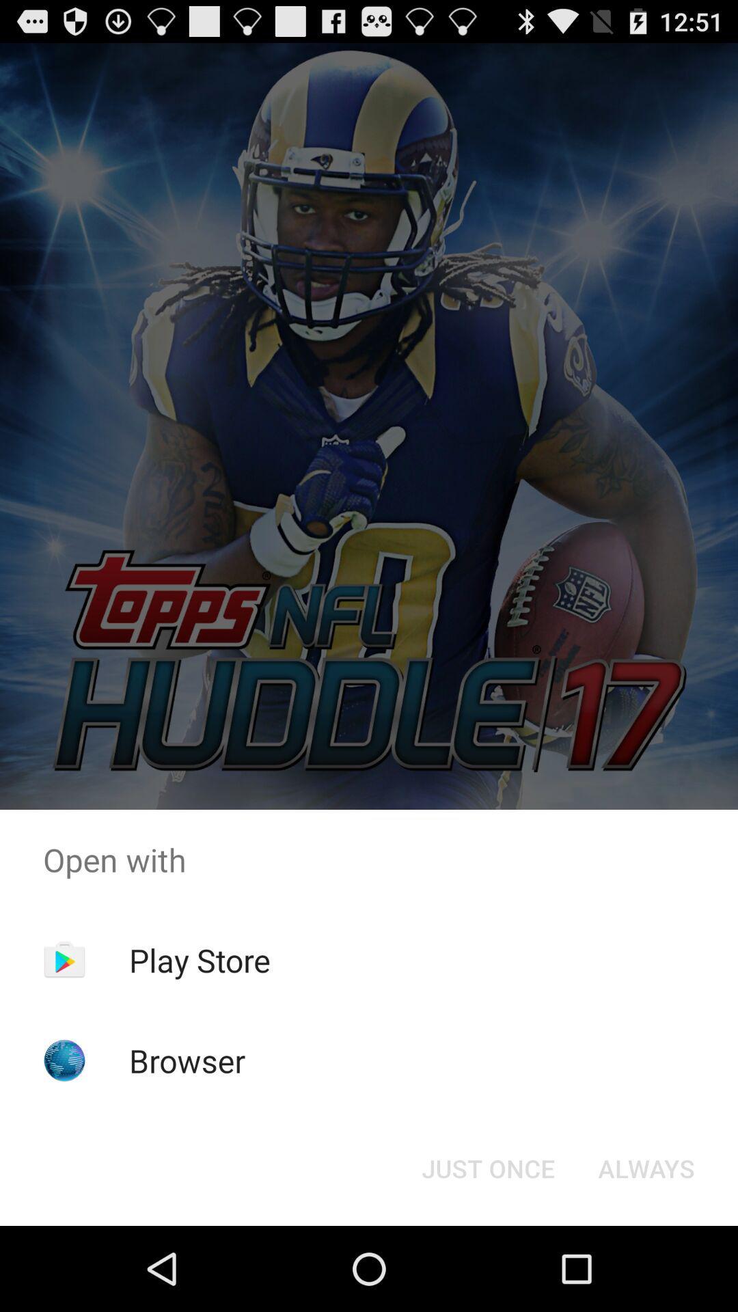 This screenshot has height=1312, width=738. I want to click on the item to the left of the always item, so click(487, 1167).